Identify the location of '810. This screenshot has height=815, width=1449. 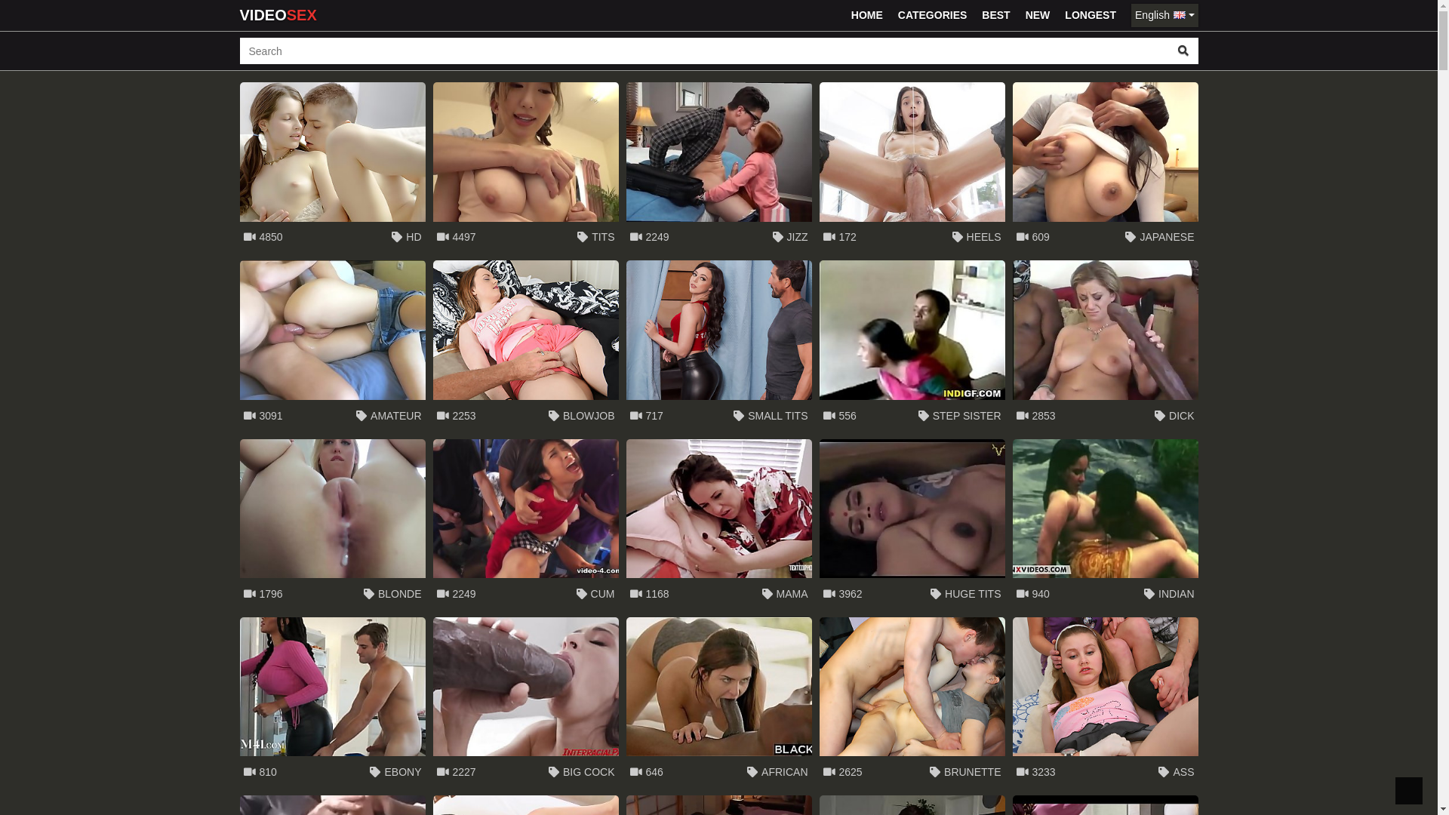
(238, 702).